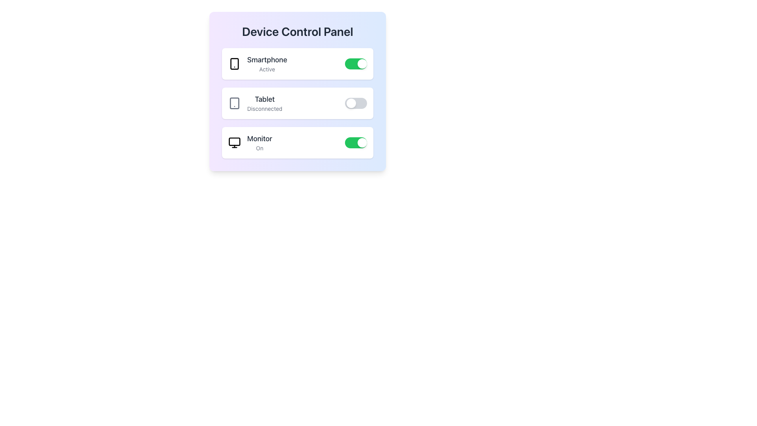  Describe the element at coordinates (265, 103) in the screenshot. I see `the Text label displaying 'Tablet' and 'Disconnected', which is part of the Device Control Panel, located in the second row next to the tablet icon` at that location.